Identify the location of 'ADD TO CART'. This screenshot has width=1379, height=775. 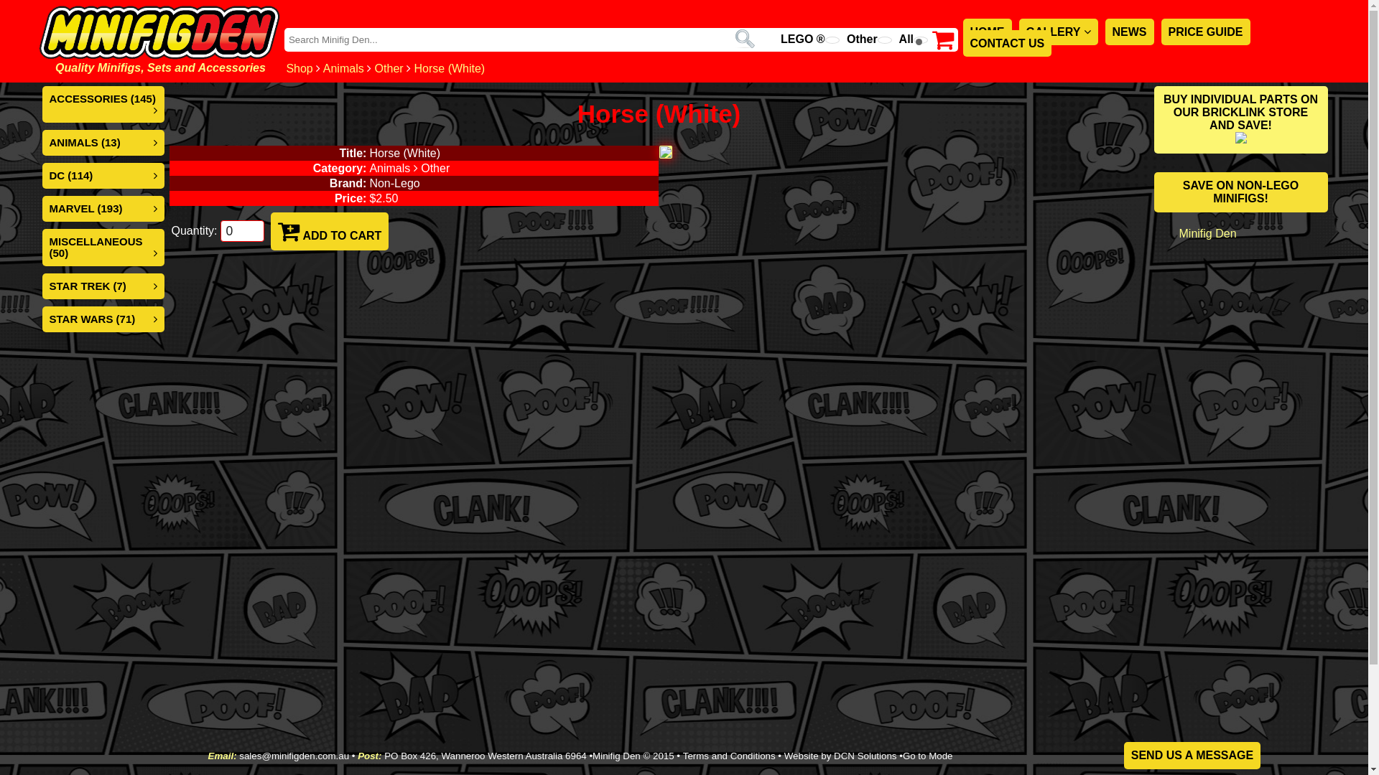
(329, 230).